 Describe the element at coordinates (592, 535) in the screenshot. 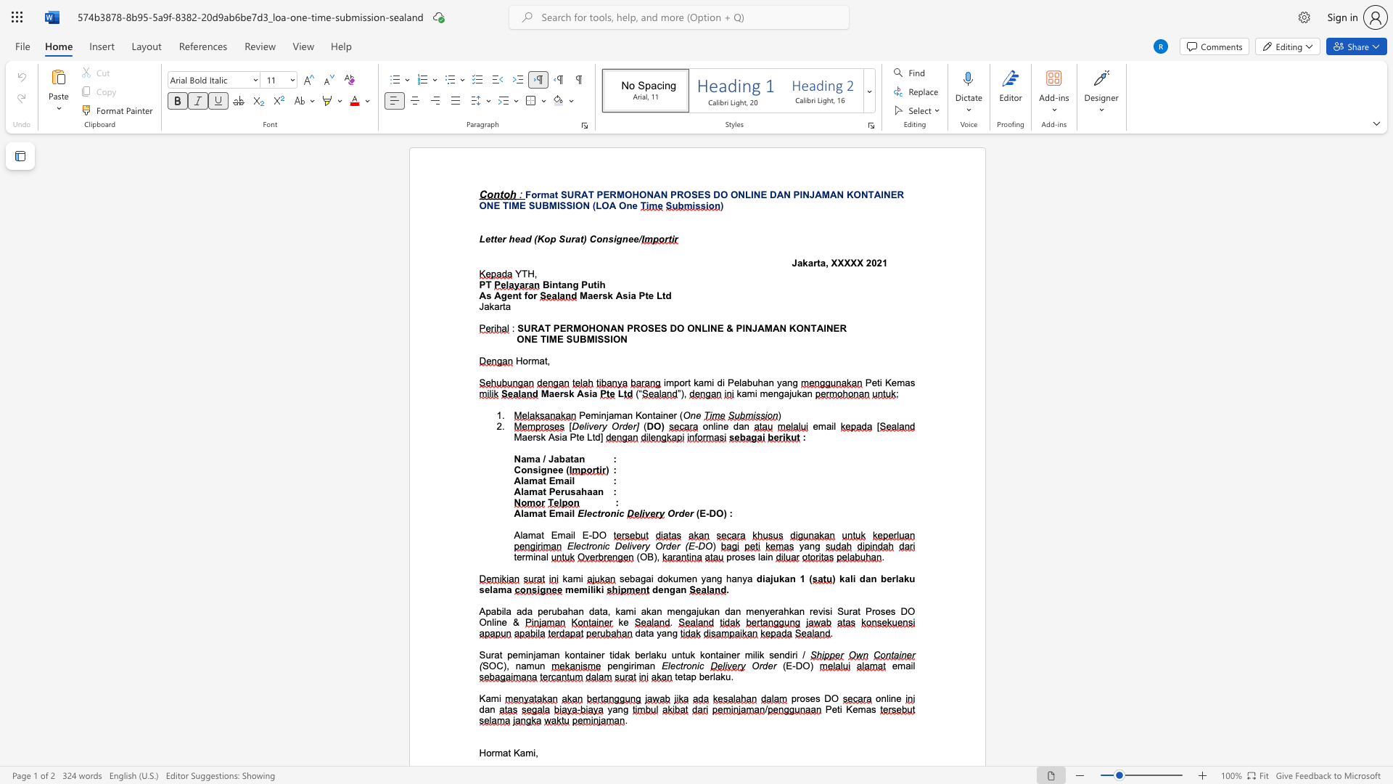

I see `the subset text "DO" within the text "Alamat Email E-DO"` at that location.